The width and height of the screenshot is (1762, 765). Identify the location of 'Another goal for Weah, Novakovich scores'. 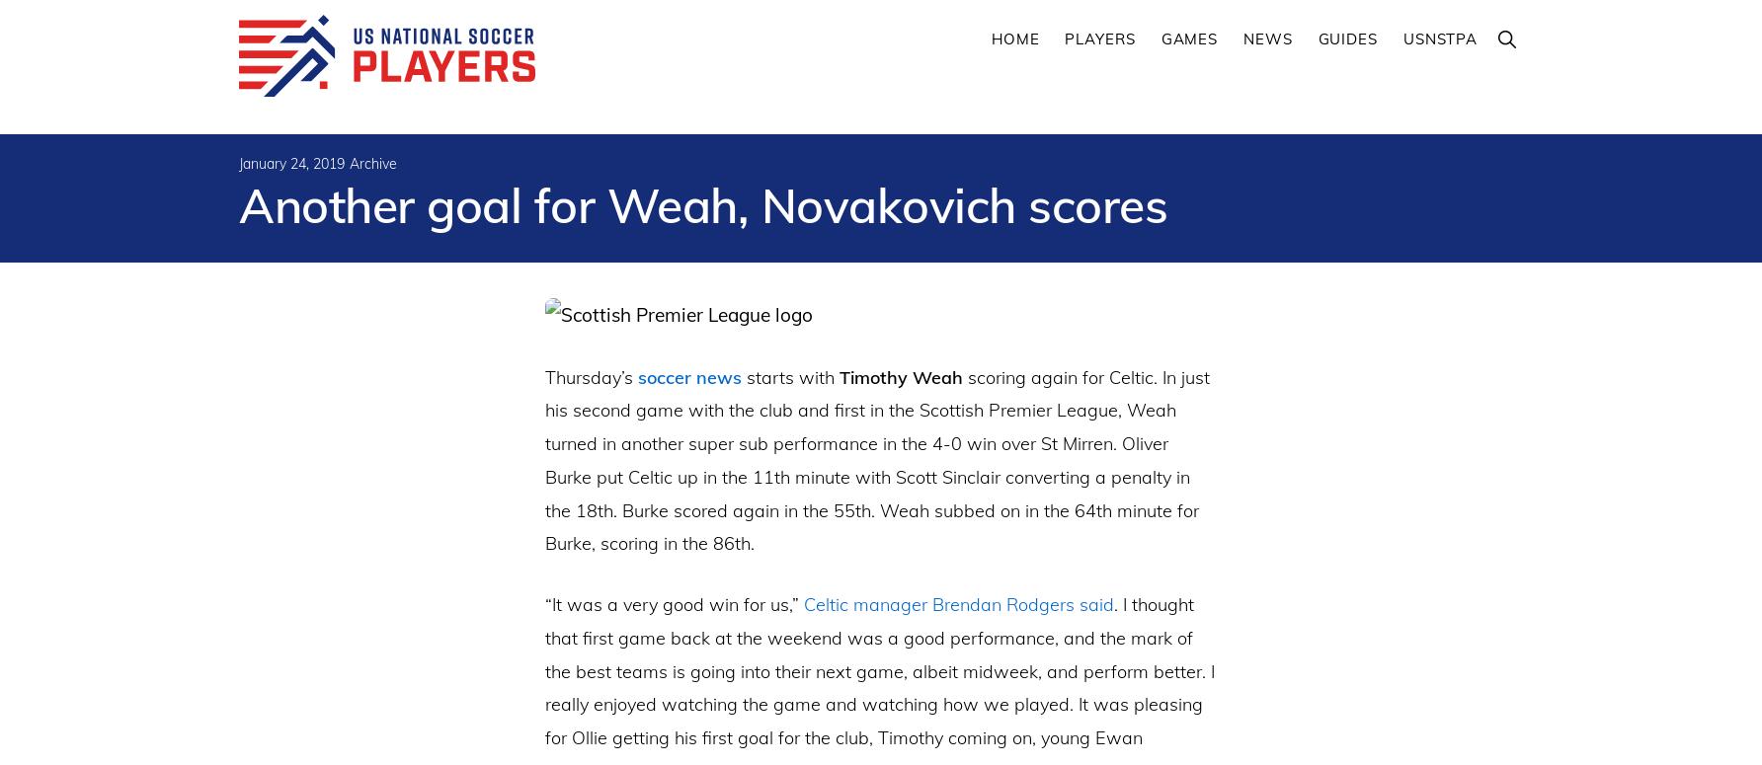
(702, 205).